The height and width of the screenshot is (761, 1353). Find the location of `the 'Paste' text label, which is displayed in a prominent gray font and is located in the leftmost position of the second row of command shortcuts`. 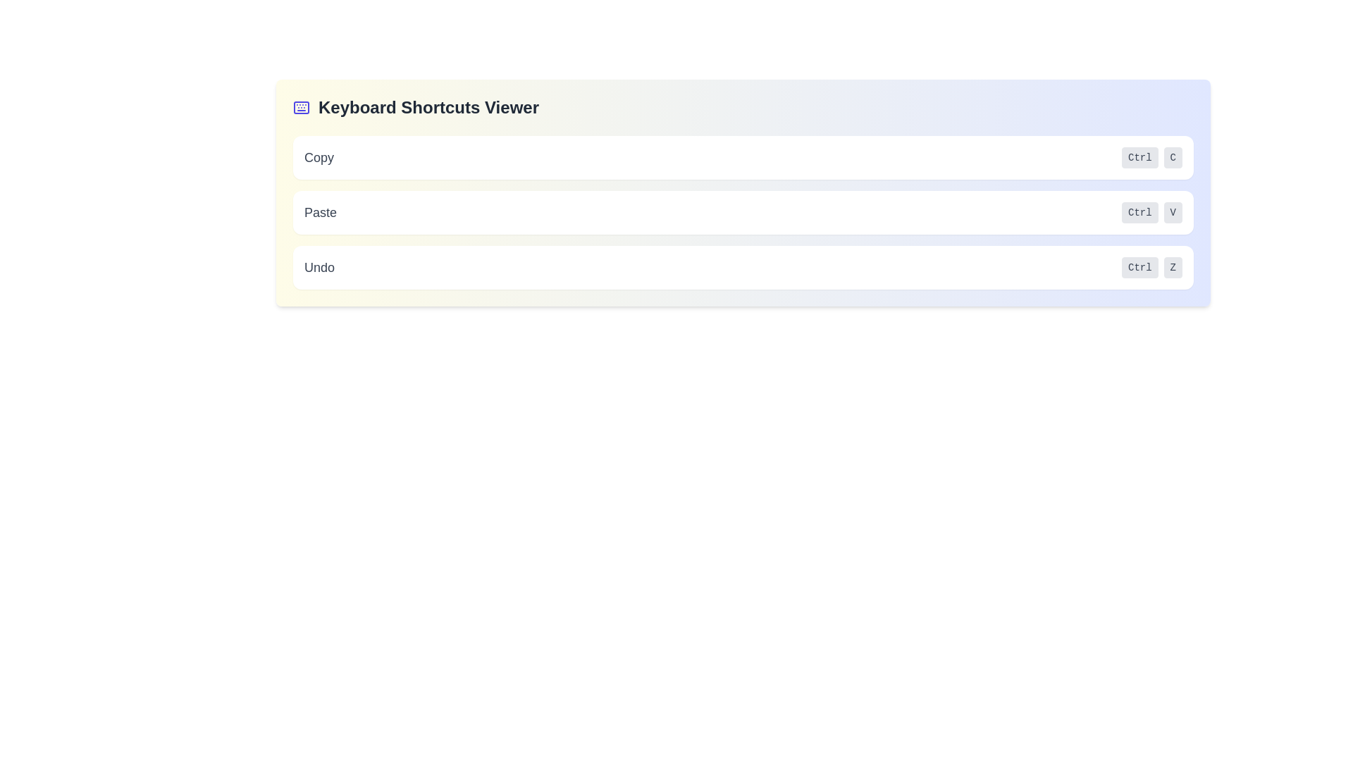

the 'Paste' text label, which is displayed in a prominent gray font and is located in the leftmost position of the second row of command shortcuts is located at coordinates (320, 212).